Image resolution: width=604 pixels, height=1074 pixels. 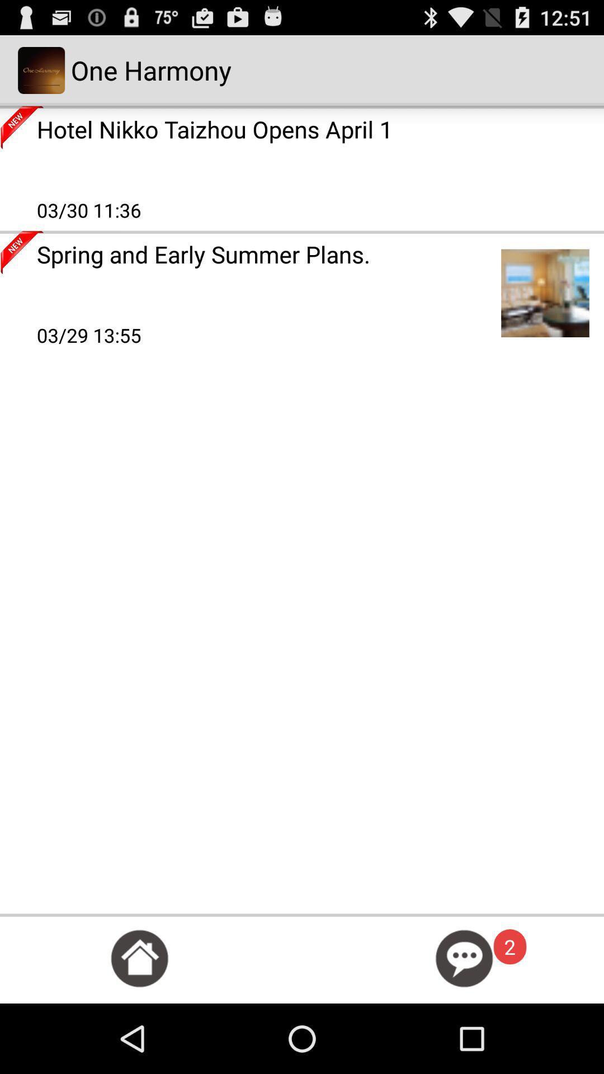 I want to click on open messages, so click(x=464, y=958).